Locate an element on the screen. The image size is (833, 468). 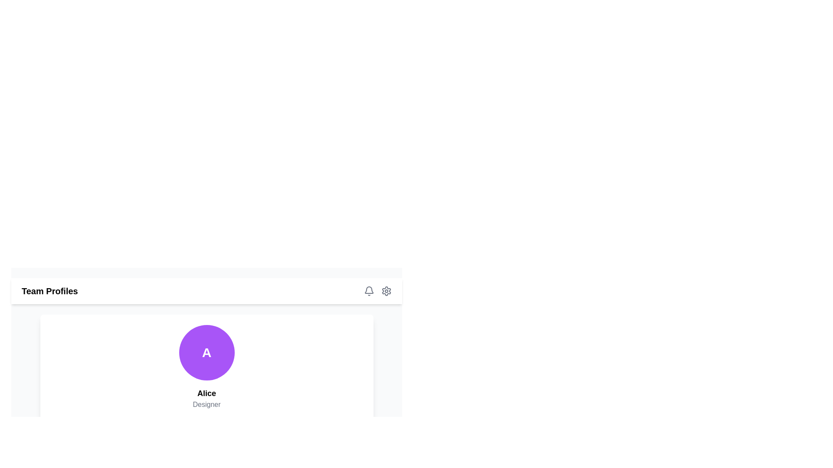
text displayed in the text label that shows the name 'Alice', which is located below the circular avatar and above the text 'Designer' is located at coordinates (206, 393).